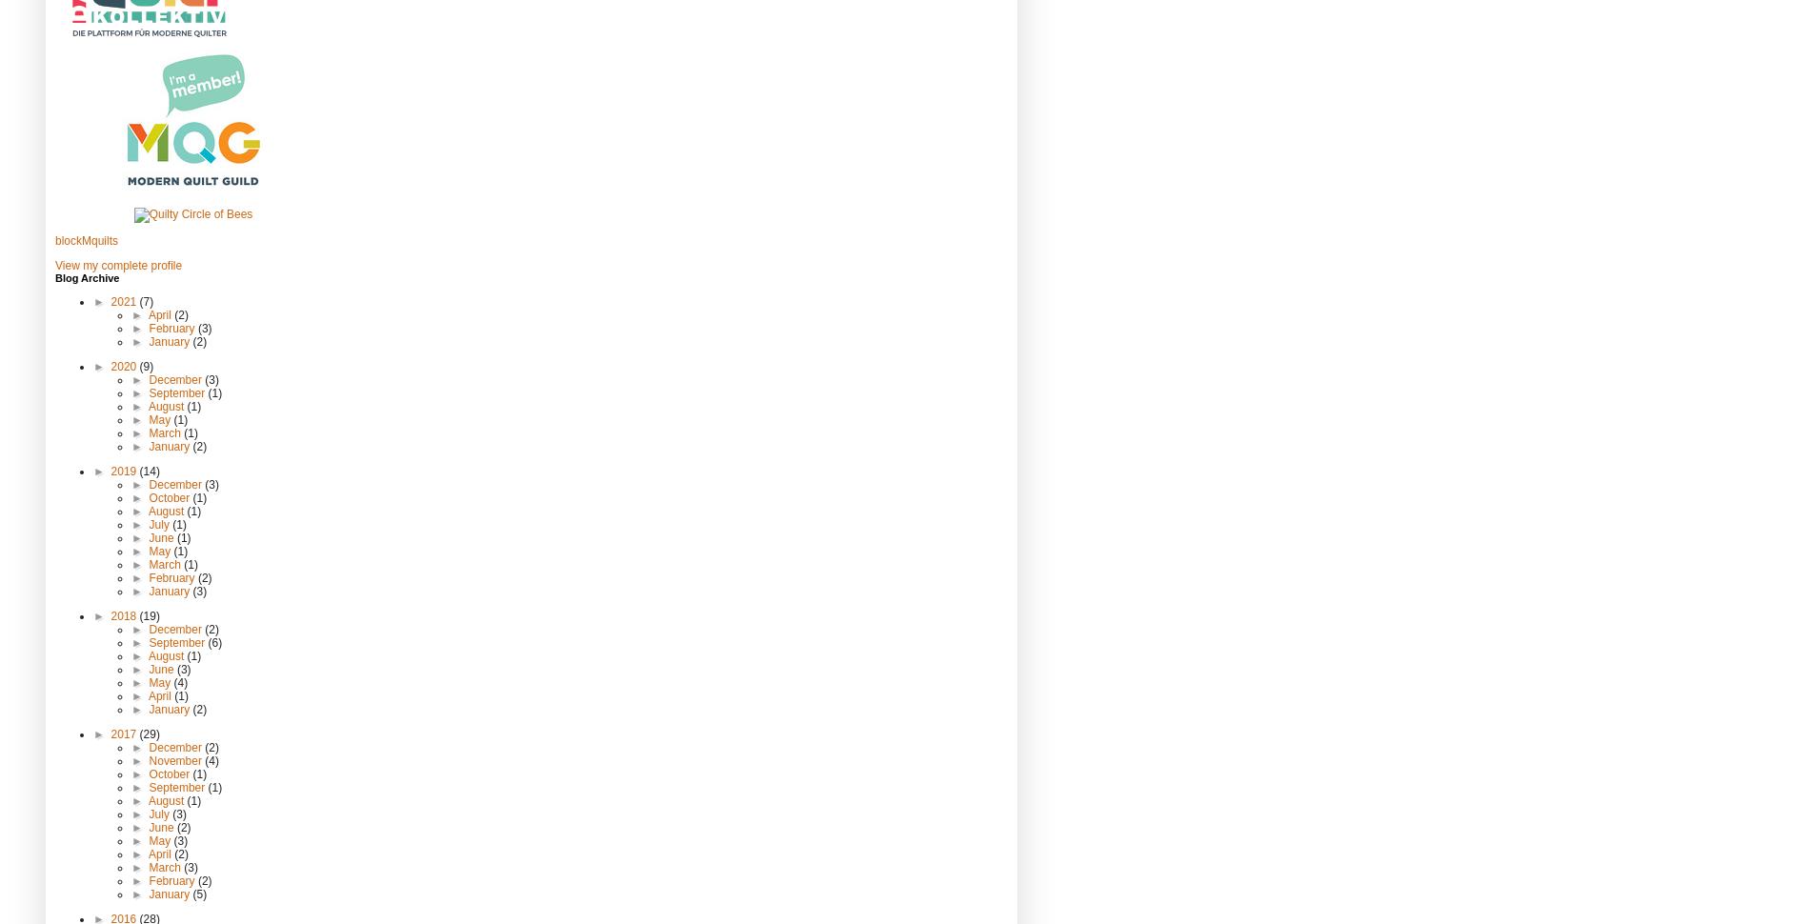  I want to click on '2020', so click(110, 365).